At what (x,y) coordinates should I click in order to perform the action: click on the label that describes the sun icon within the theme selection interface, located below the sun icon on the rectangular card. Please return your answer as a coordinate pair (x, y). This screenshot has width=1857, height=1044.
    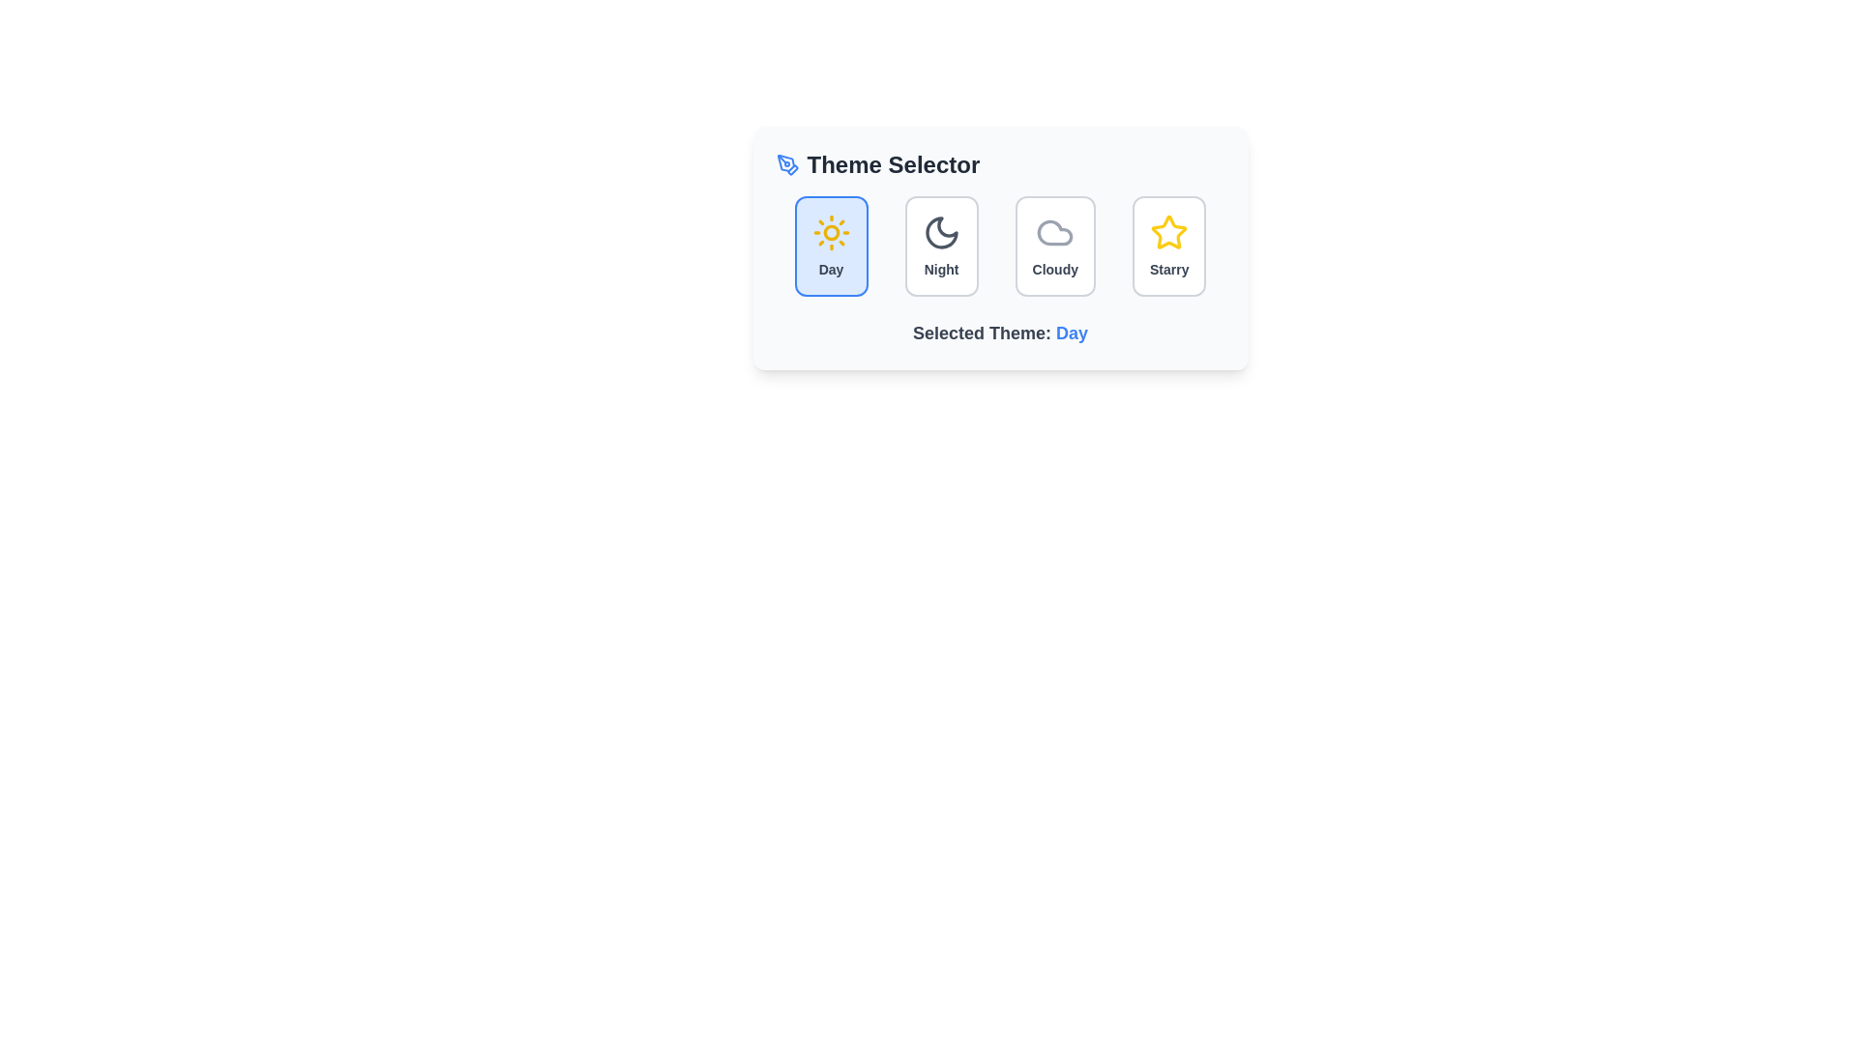
    Looking at the image, I should click on (831, 269).